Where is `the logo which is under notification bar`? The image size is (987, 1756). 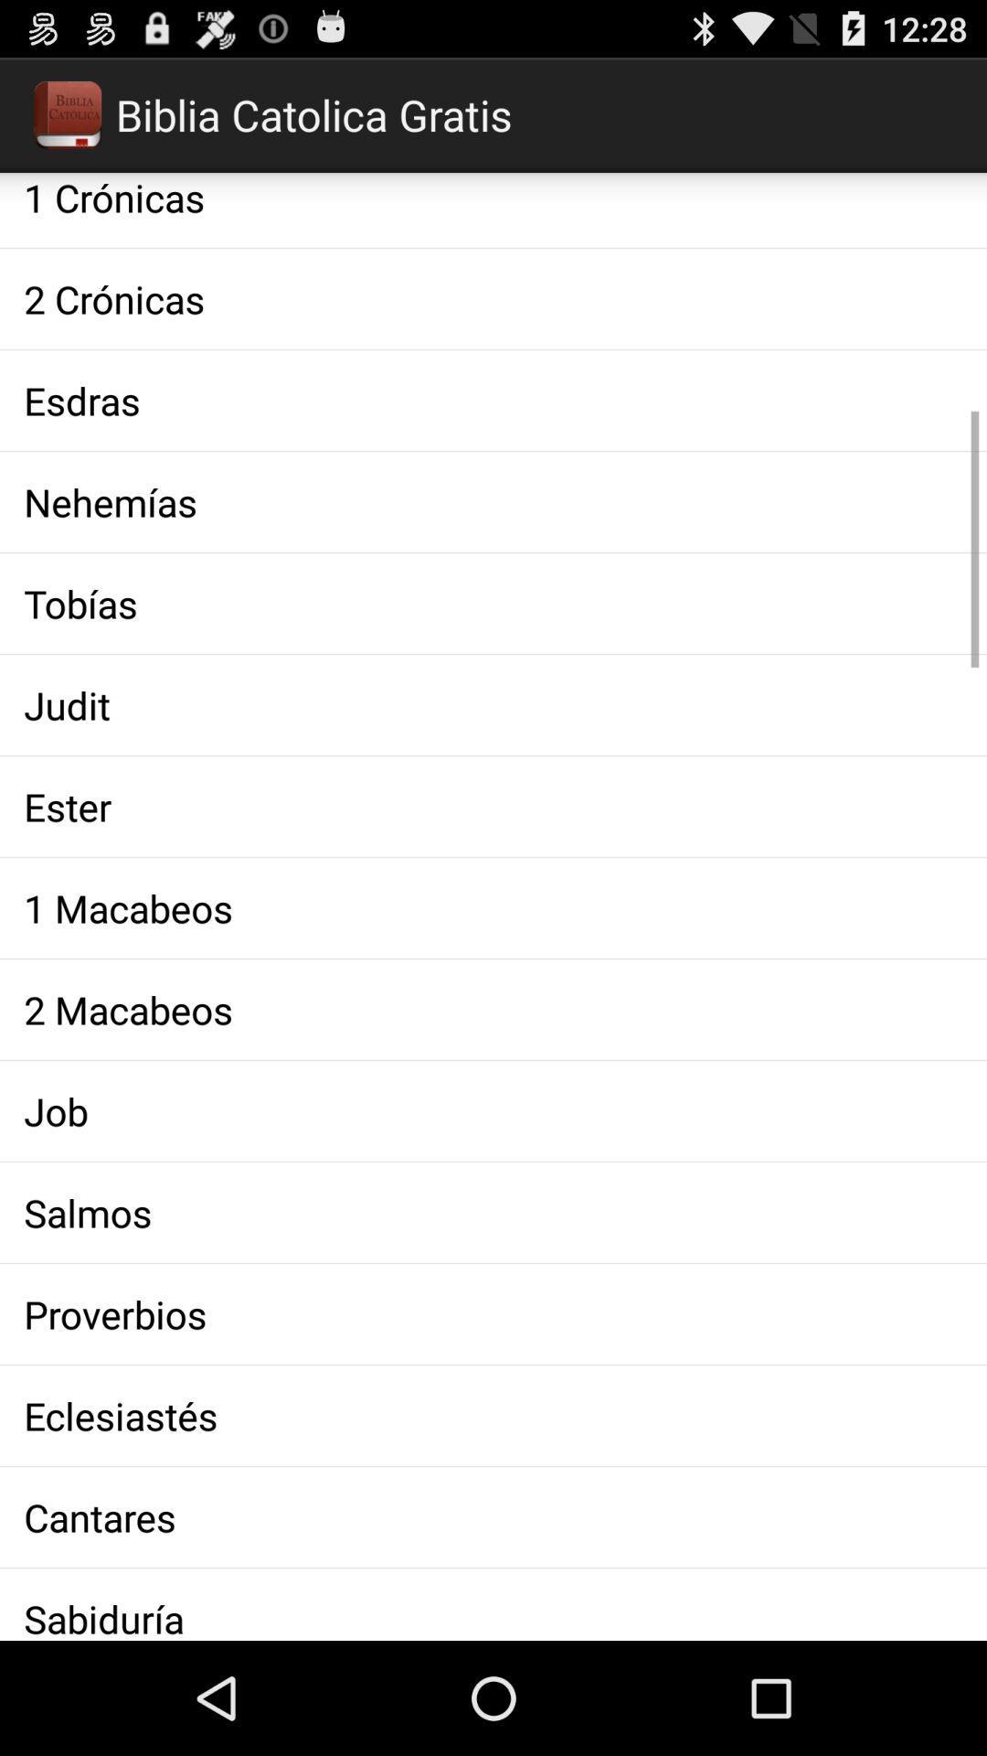 the logo which is under notification bar is located at coordinates (66, 113).